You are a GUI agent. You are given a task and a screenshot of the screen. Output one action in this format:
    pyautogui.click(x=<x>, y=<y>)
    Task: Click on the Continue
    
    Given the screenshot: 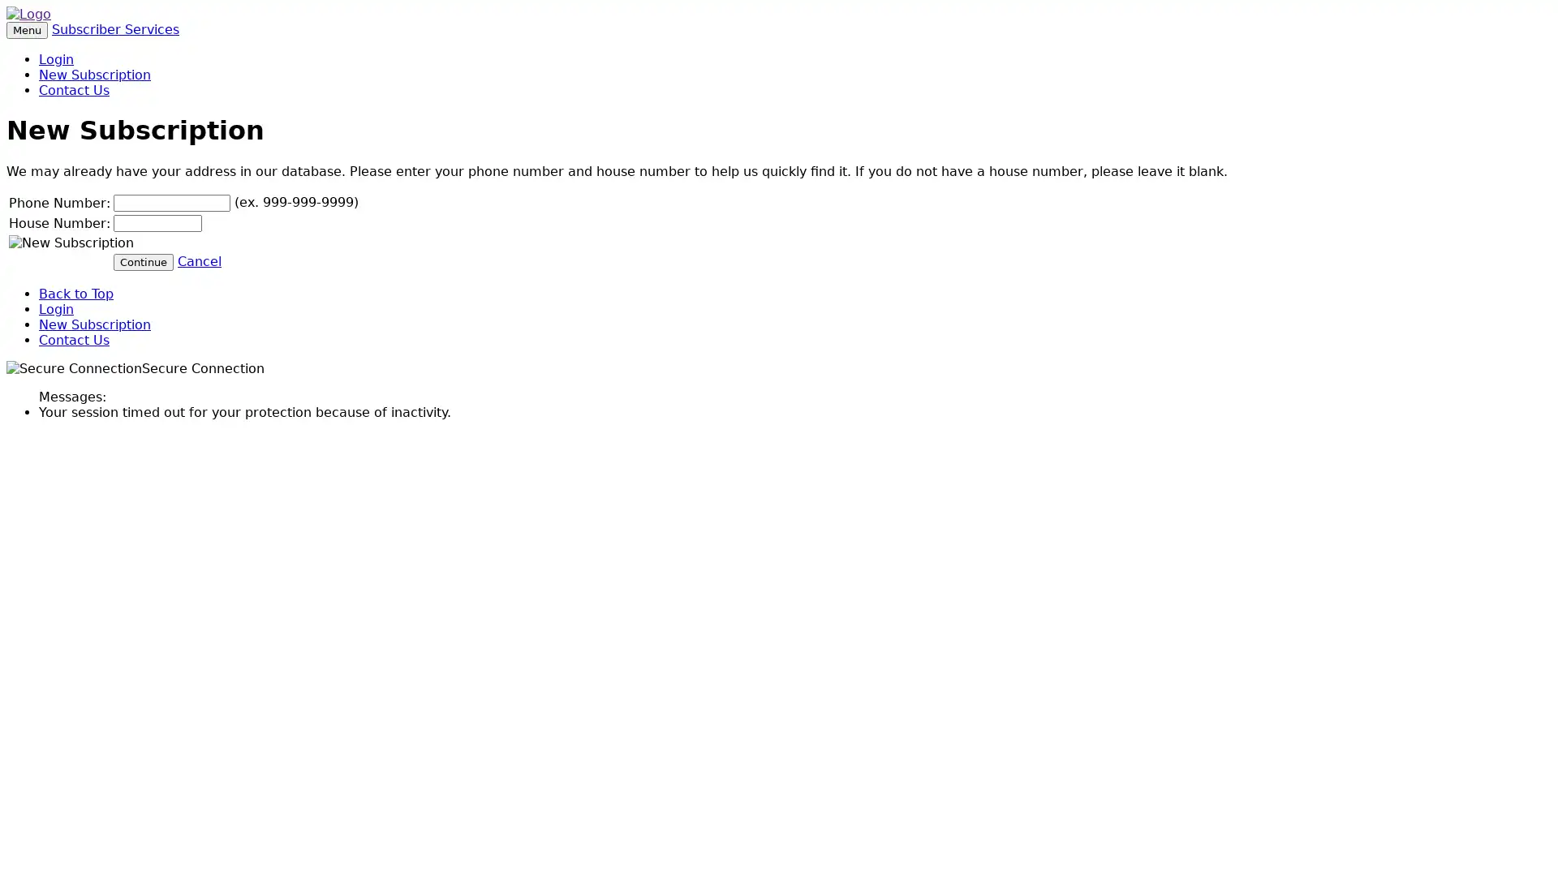 What is the action you would take?
    pyautogui.click(x=144, y=260)
    